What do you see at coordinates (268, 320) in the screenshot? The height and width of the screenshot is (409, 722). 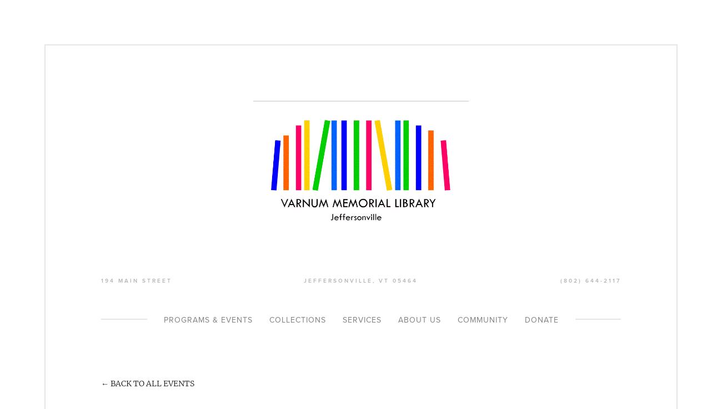 I see `'Collections'` at bounding box center [268, 320].